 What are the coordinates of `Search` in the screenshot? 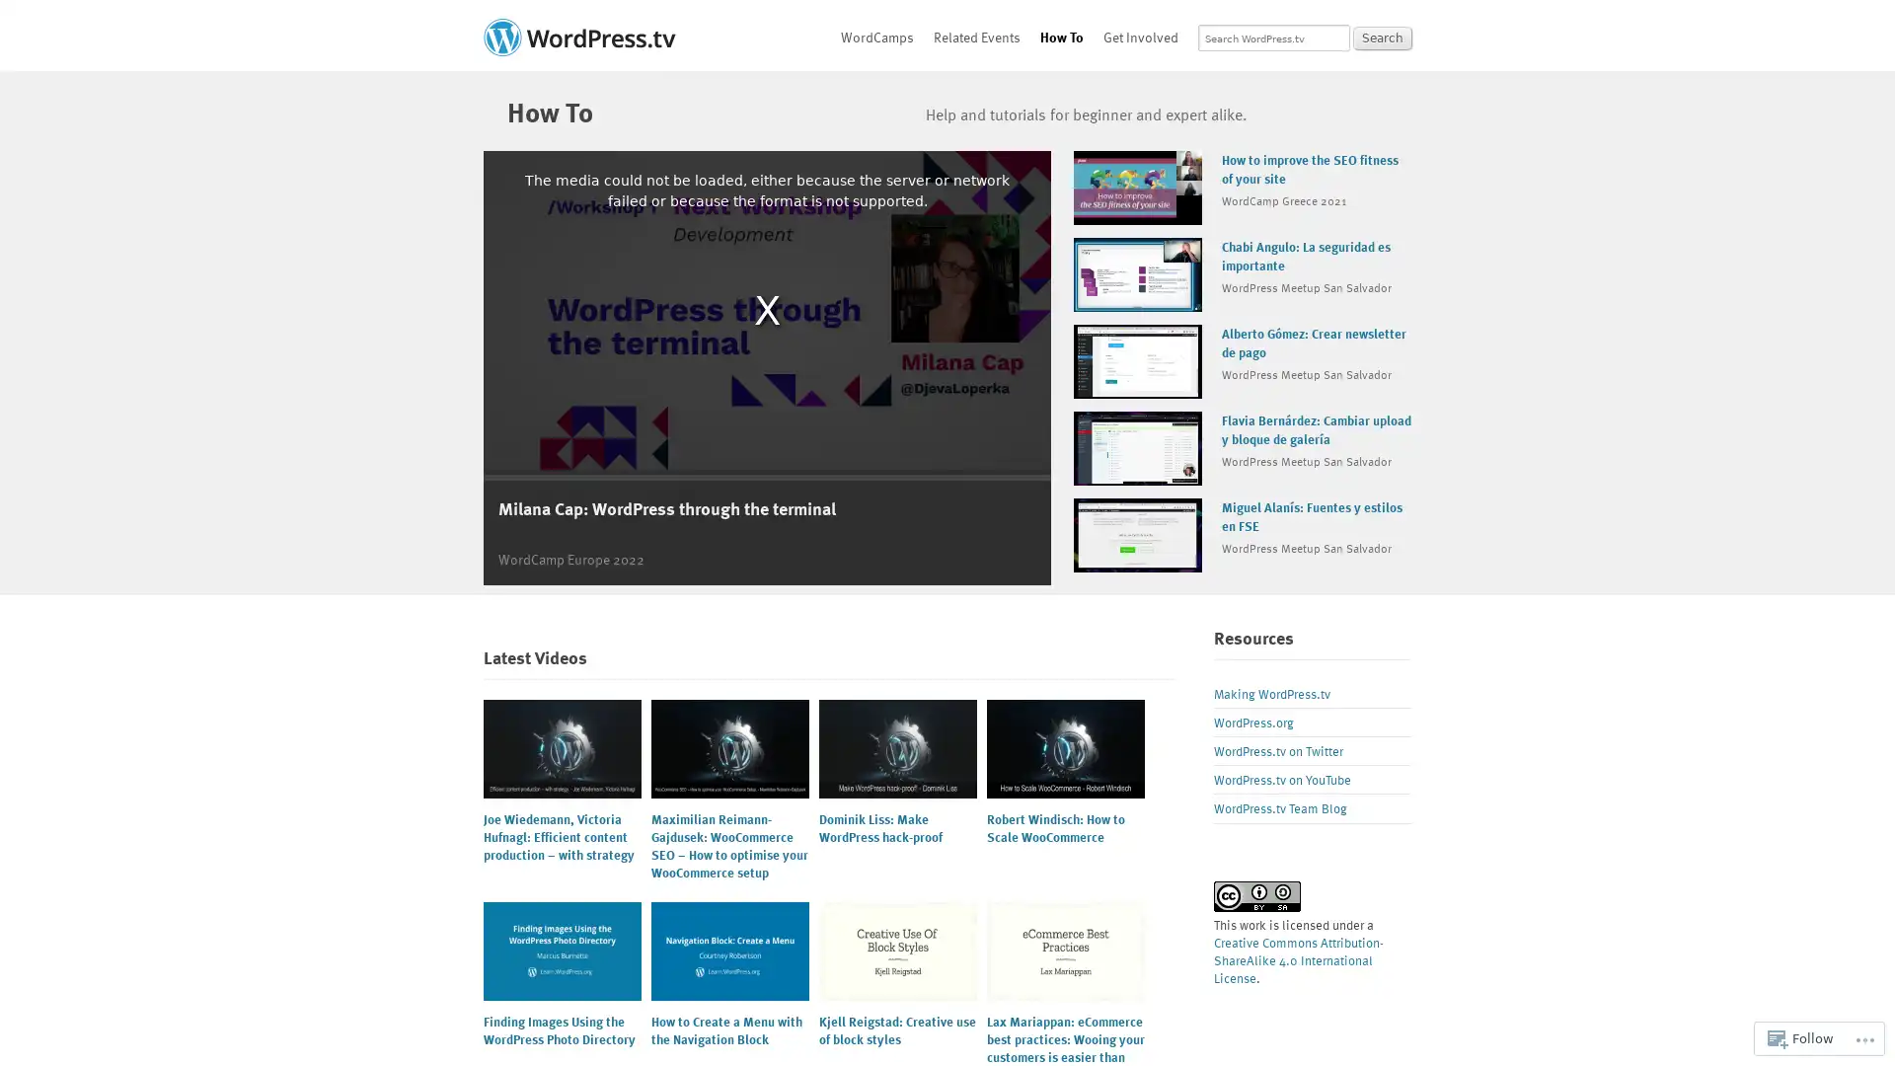 It's located at (1382, 38).